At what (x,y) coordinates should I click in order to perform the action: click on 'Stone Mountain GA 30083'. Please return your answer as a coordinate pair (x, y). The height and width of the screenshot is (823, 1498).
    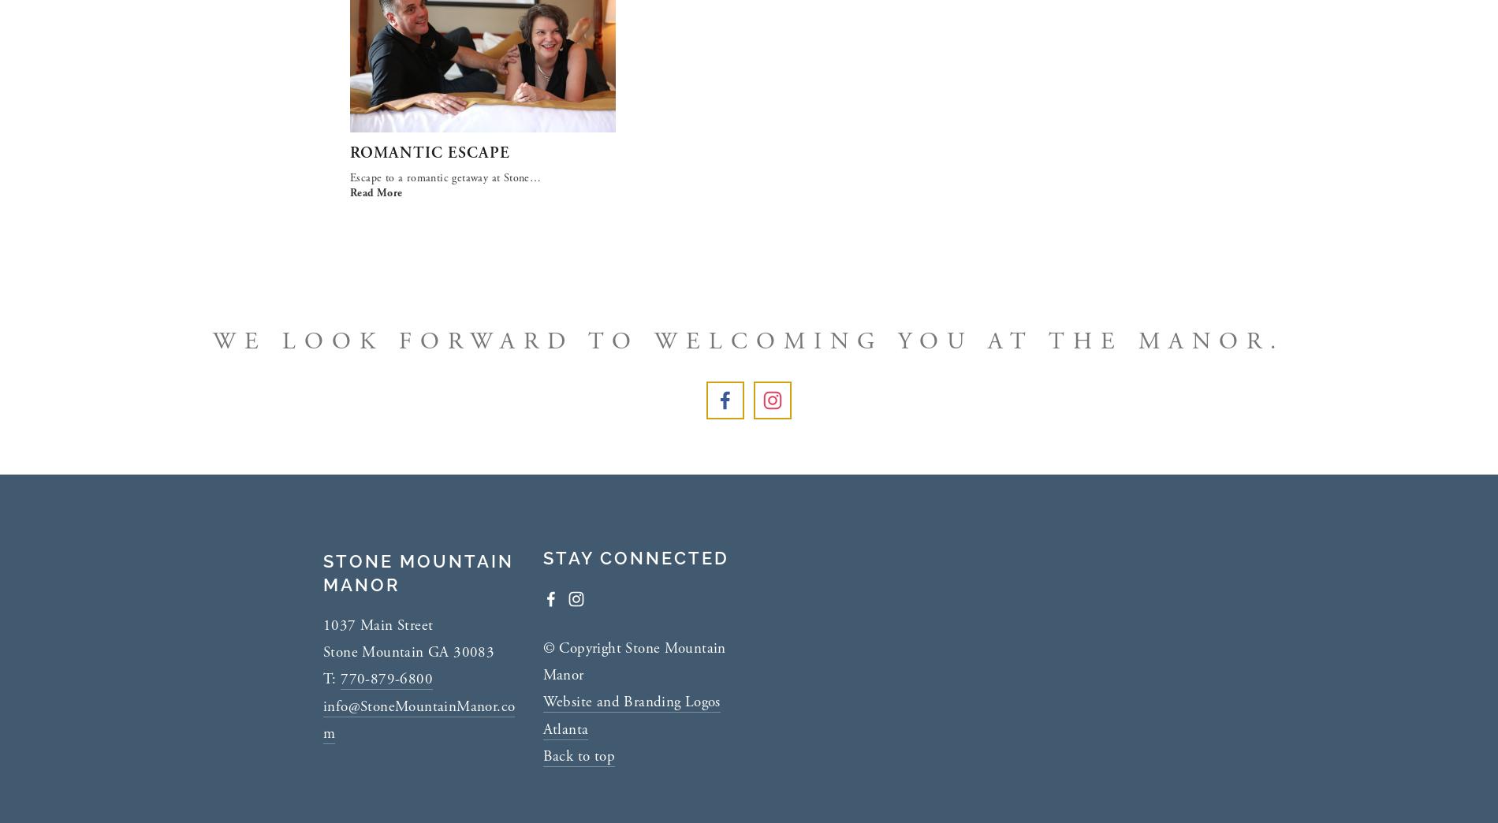
    Looking at the image, I should click on (408, 651).